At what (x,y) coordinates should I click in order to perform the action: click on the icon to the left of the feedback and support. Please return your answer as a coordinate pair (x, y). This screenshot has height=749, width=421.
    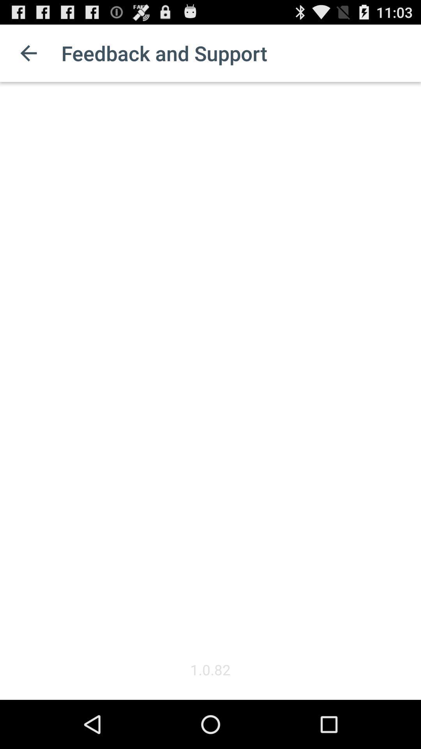
    Looking at the image, I should click on (28, 53).